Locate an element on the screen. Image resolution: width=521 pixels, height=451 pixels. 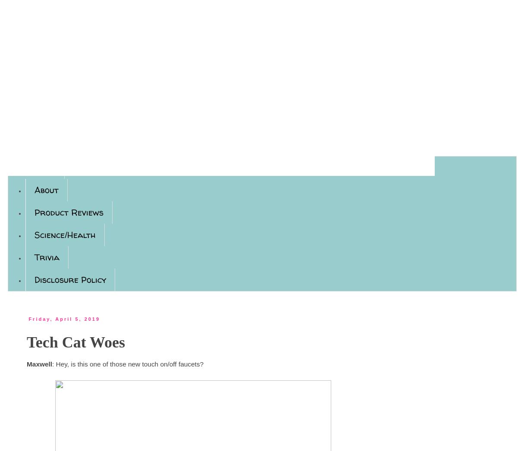
'About' is located at coordinates (46, 189).